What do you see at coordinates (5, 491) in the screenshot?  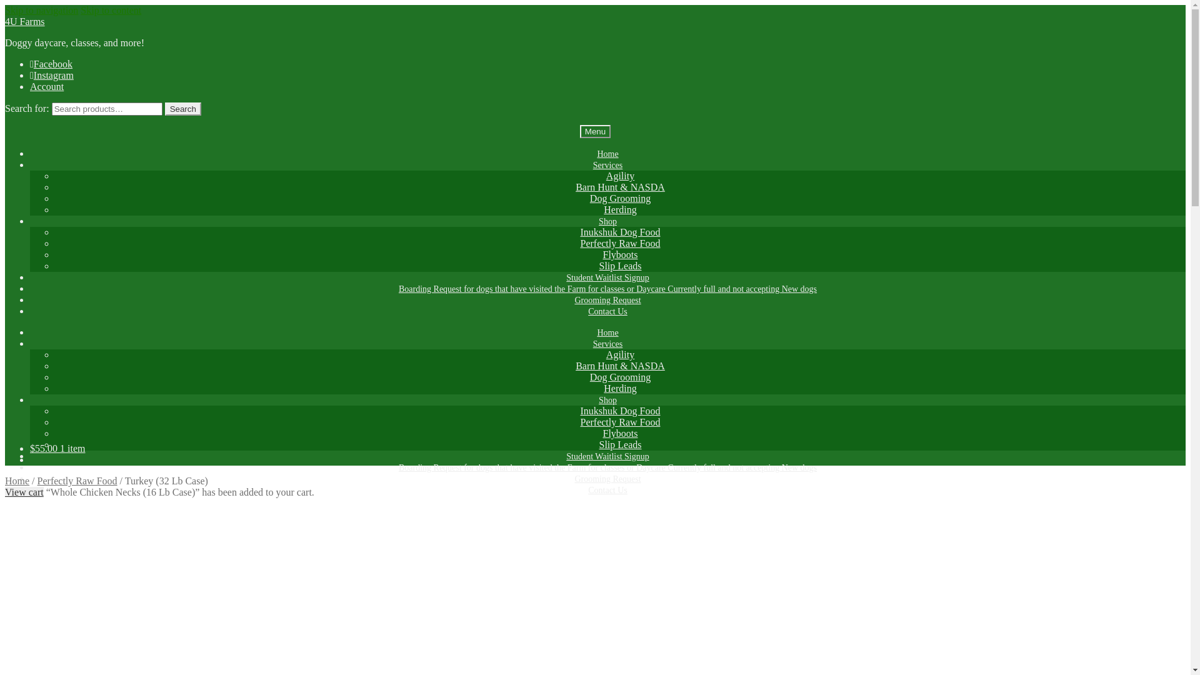 I see `'View cart'` at bounding box center [5, 491].